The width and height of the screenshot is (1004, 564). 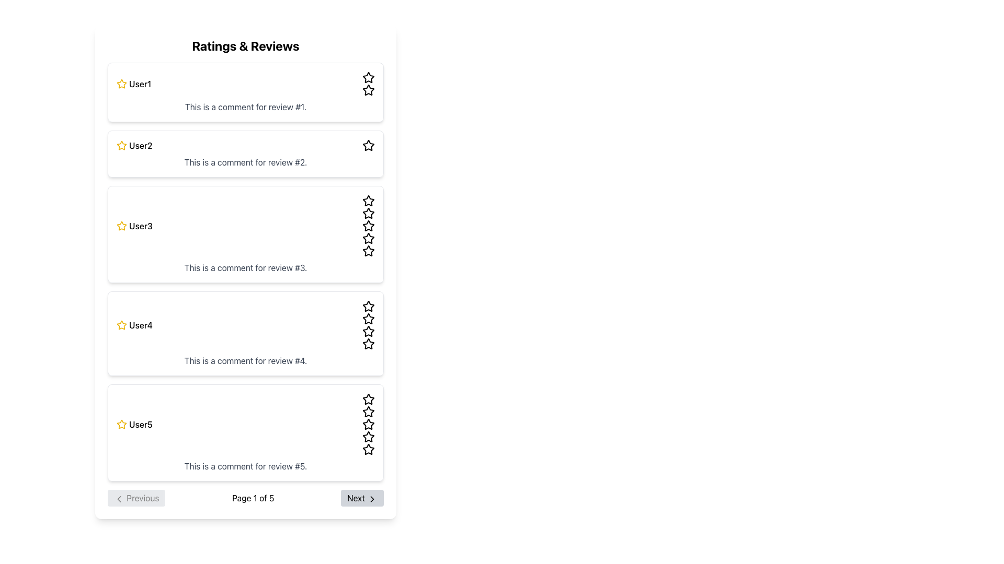 What do you see at coordinates (122, 425) in the screenshot?
I see `the yellow star icon representing a rating, located to the left of the 'User5' label in the last row of reviews` at bounding box center [122, 425].